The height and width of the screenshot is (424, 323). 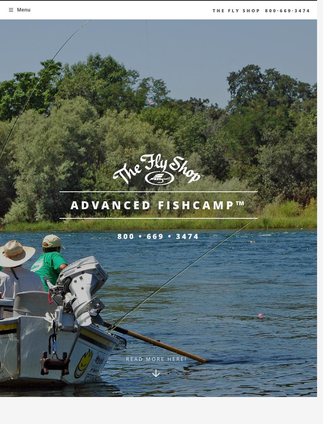 I want to click on 'Stream Report', so click(x=87, y=98).